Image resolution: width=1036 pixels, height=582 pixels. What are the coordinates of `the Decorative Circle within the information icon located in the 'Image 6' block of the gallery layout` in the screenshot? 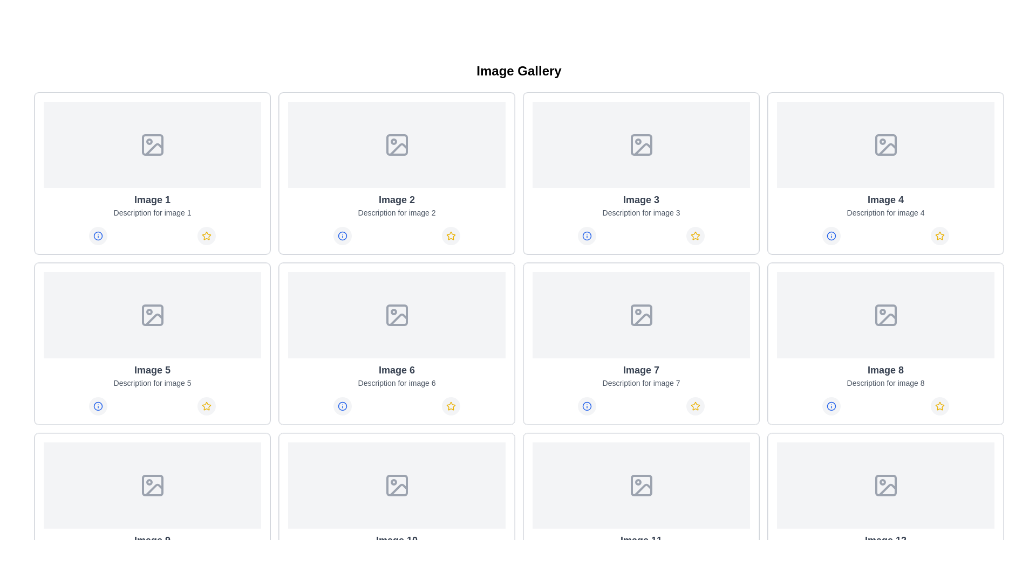 It's located at (342, 406).